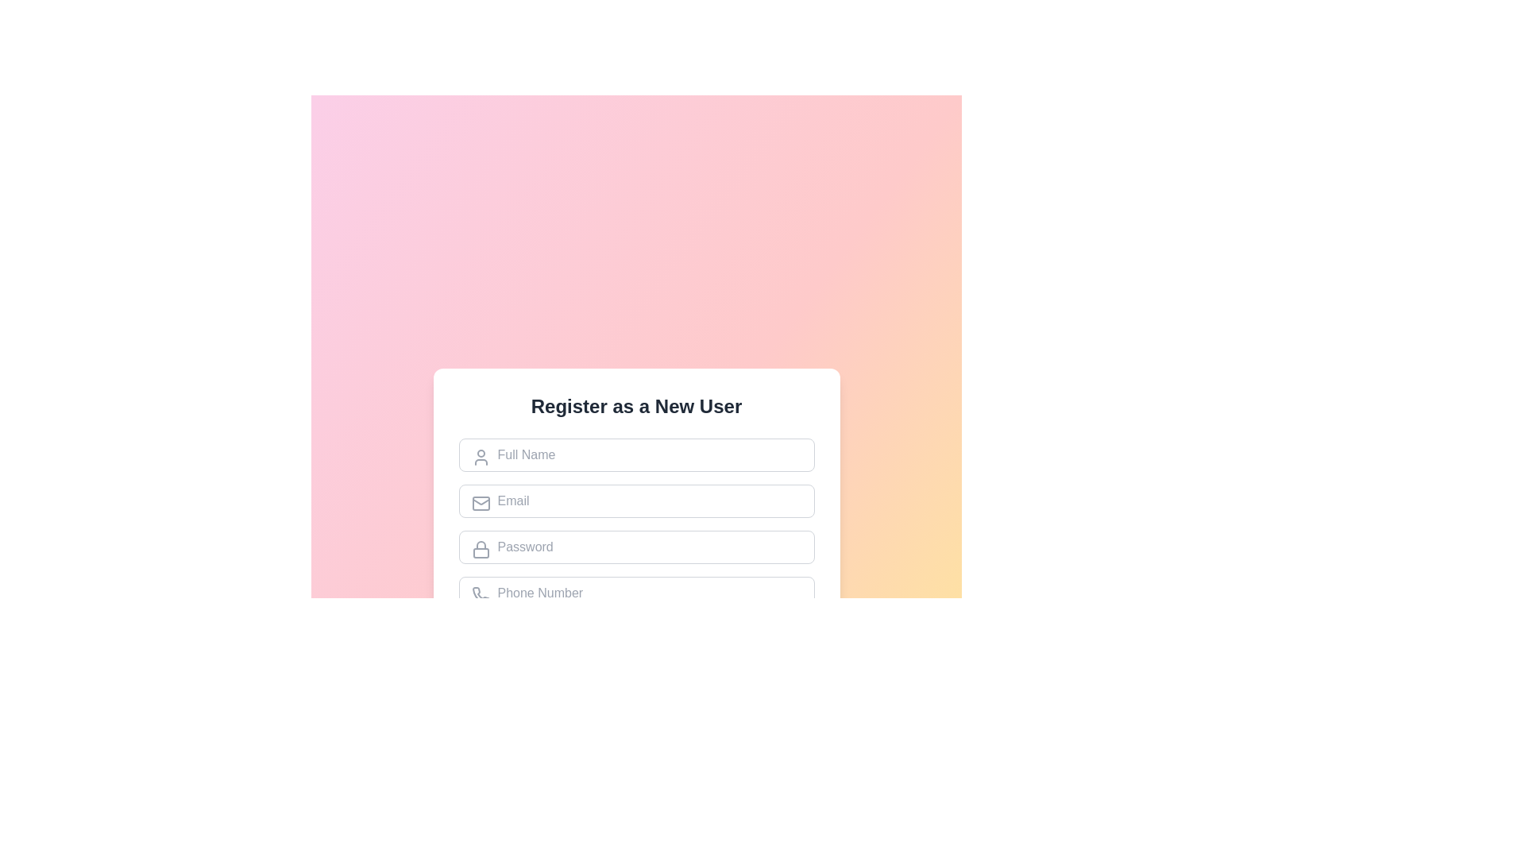  I want to click on the mail envelope icon, which is styled with a smooth border and line art, located to the left of the 'Email' placeholder text in the email input form field, so click(480, 503).